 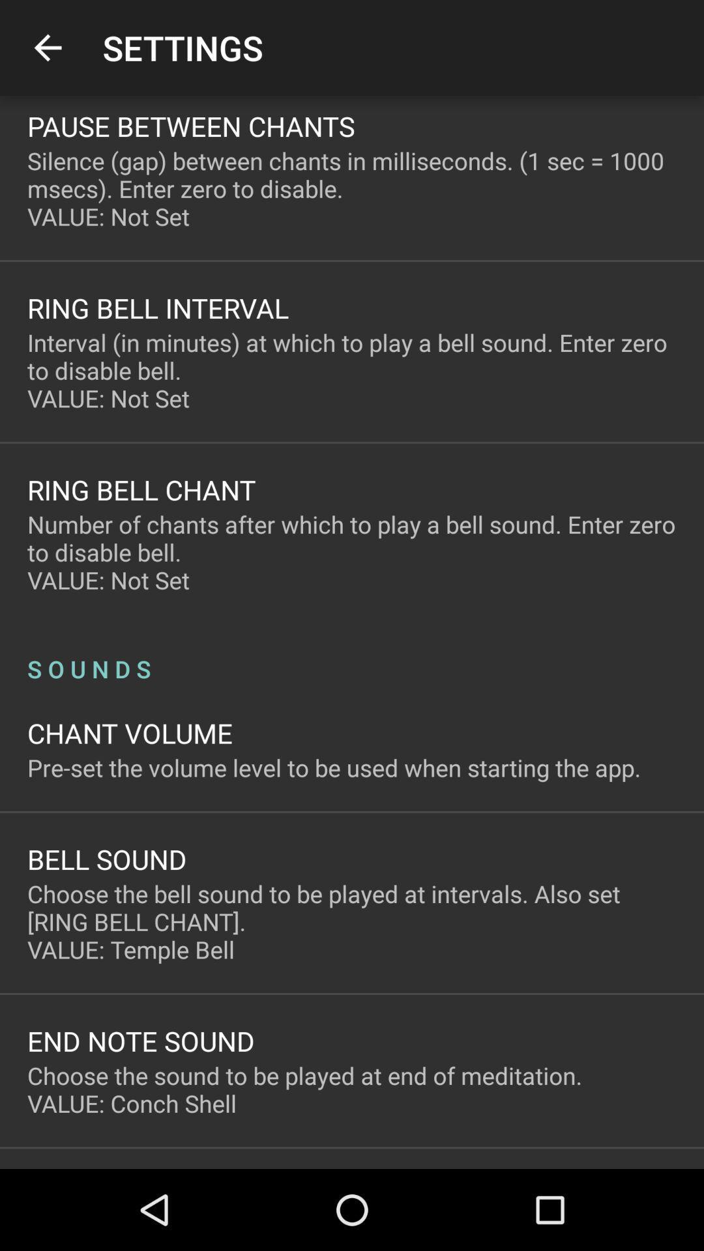 What do you see at coordinates (352, 552) in the screenshot?
I see `the icon below ring bell chant item` at bounding box center [352, 552].